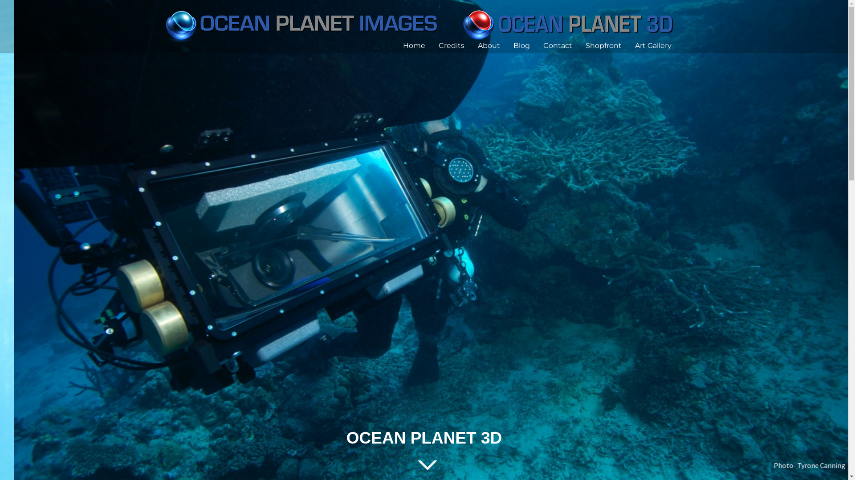  What do you see at coordinates (653, 45) in the screenshot?
I see `'Art Gallery'` at bounding box center [653, 45].